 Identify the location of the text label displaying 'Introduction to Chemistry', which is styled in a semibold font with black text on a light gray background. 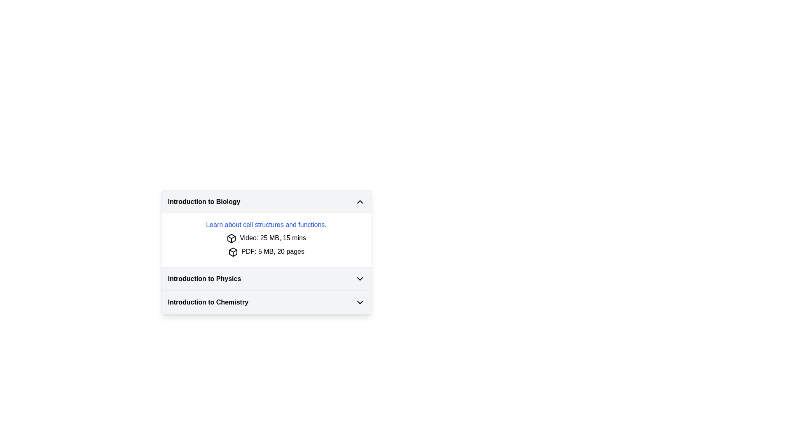
(208, 302).